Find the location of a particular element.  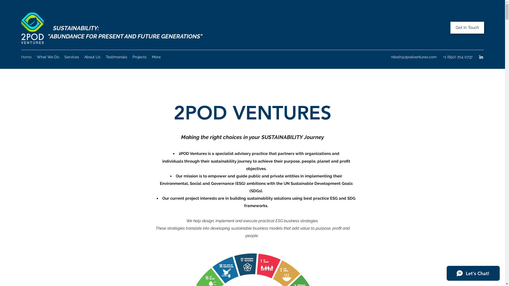

'Get In Touch' is located at coordinates (467, 28).